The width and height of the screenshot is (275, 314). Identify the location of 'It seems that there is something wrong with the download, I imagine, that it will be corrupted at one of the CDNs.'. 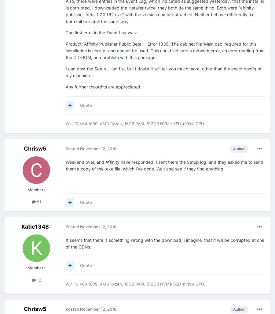
(165, 243).